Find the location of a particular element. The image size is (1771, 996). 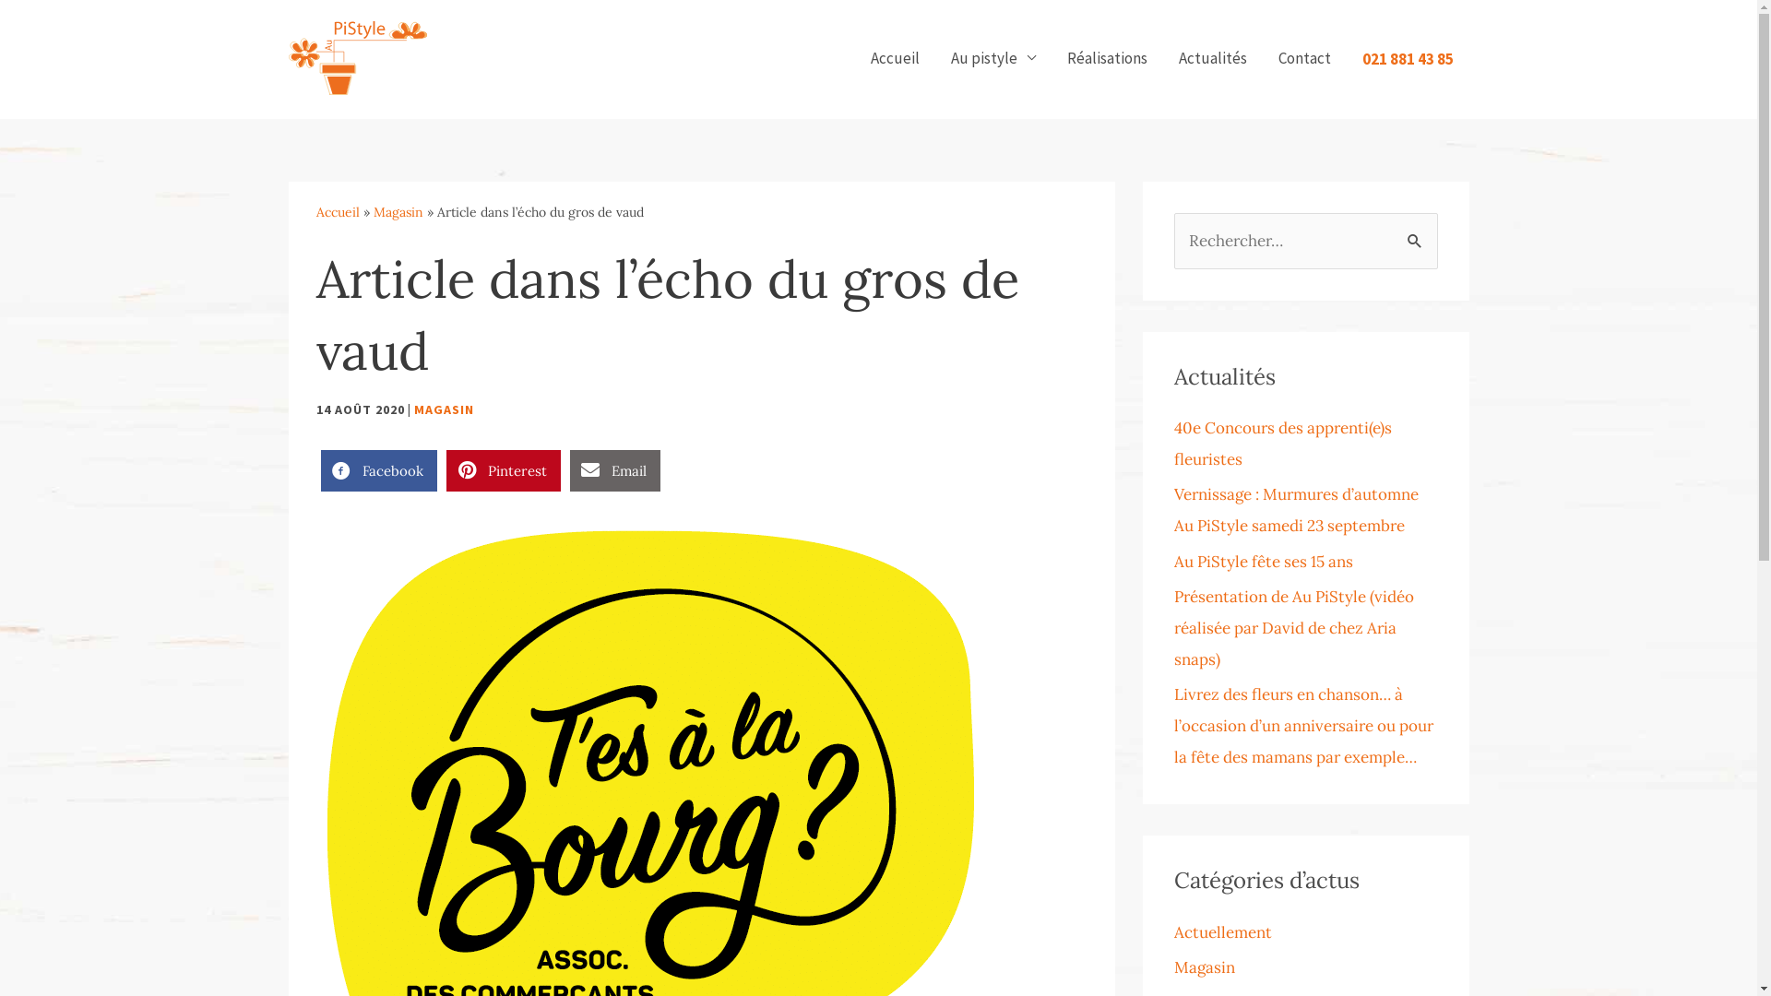

'Contact' is located at coordinates (1302, 56).